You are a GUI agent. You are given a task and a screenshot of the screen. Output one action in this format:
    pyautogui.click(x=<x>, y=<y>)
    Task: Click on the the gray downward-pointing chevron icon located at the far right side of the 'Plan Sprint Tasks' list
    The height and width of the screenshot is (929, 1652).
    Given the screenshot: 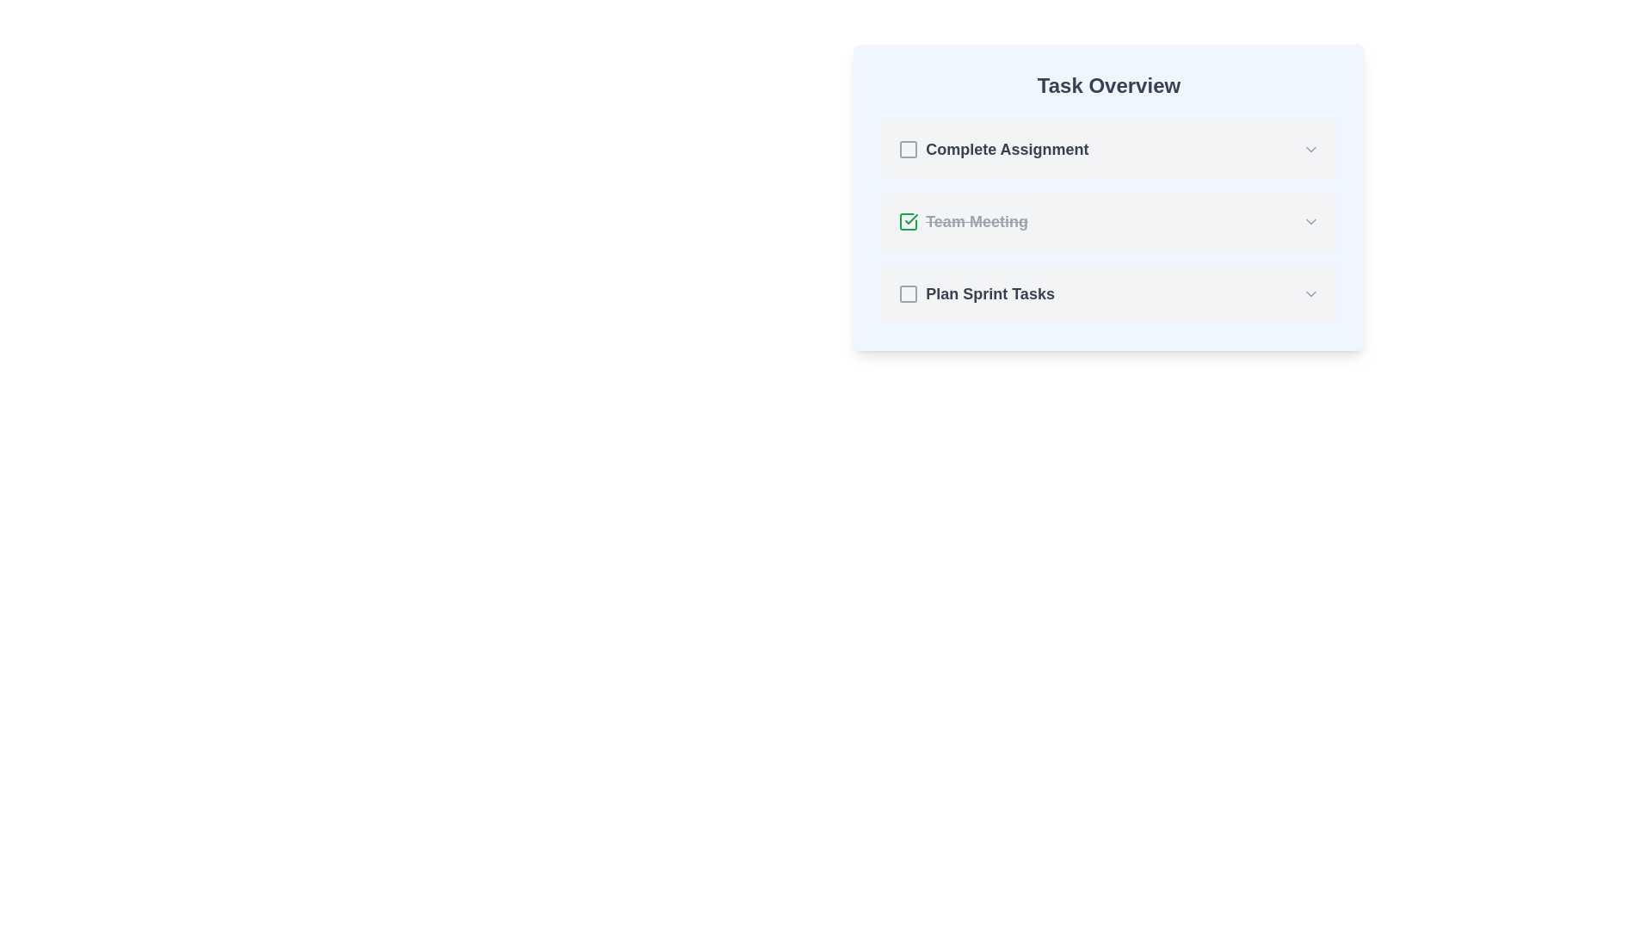 What is the action you would take?
    pyautogui.click(x=1310, y=293)
    